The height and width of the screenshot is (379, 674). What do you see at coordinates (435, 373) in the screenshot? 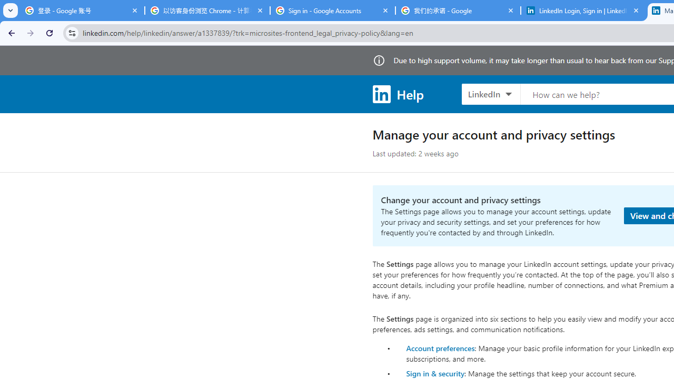
I see `'Sign in & security'` at bounding box center [435, 373].